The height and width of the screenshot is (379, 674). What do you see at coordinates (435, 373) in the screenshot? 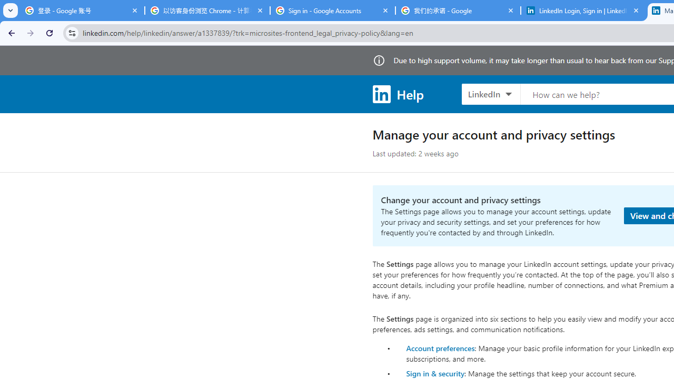
I see `'Sign in & security'` at bounding box center [435, 373].